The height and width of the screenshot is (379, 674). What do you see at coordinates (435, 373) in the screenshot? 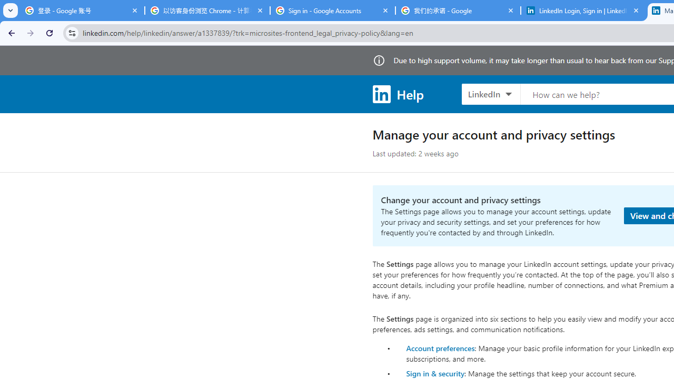
I see `'Sign in & security'` at bounding box center [435, 373].